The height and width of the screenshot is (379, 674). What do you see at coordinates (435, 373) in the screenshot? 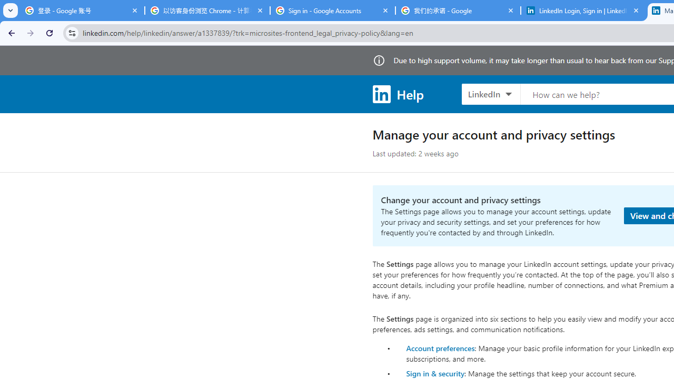
I see `'Sign in & security'` at bounding box center [435, 373].